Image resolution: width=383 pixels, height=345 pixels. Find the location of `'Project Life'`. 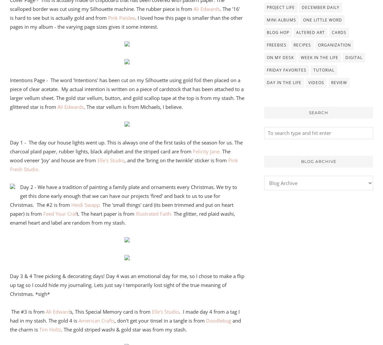

'Project Life' is located at coordinates (266, 7).